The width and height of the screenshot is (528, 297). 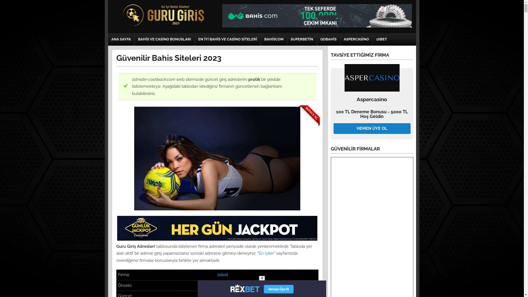 What do you see at coordinates (164, 39) in the screenshot?
I see `'BAHIS VE CASINO BONUSLARI'` at bounding box center [164, 39].